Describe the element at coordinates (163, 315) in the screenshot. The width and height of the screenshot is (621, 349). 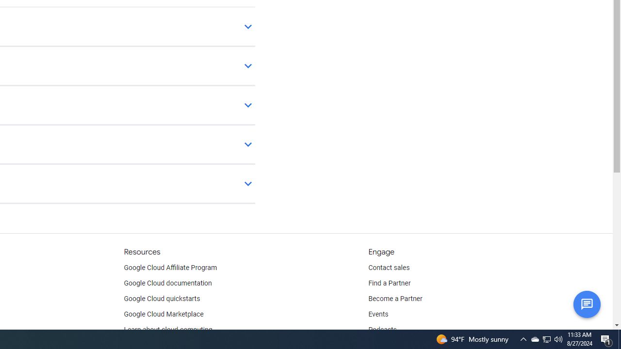
I see `'Google Cloud Marketplace'` at that location.